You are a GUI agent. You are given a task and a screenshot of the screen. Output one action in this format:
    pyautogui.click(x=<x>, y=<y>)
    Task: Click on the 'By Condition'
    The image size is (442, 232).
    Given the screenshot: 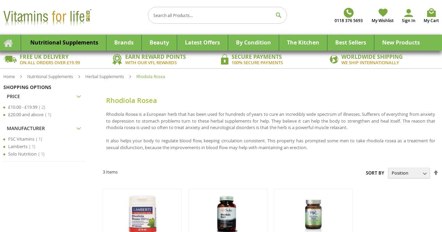 What is the action you would take?
    pyautogui.click(x=253, y=42)
    